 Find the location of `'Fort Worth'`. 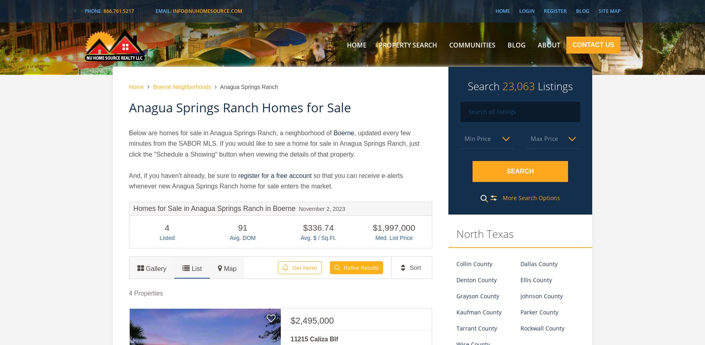

'Fort Worth' is located at coordinates (469, 78).